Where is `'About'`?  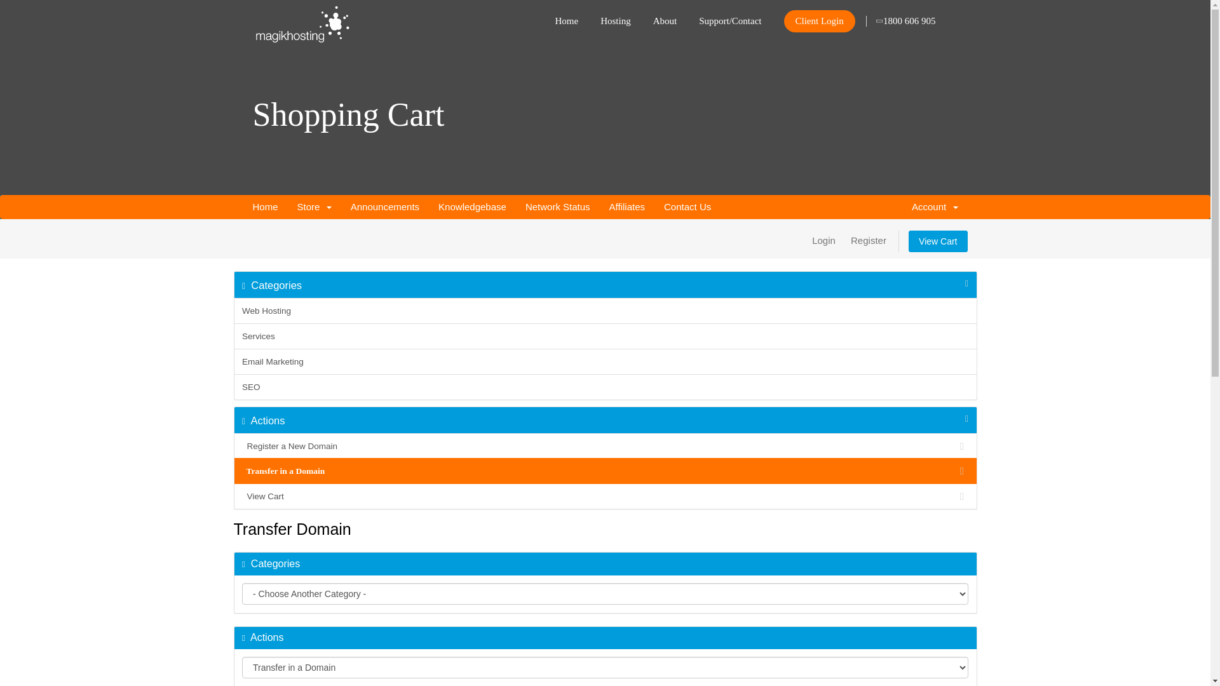
'About' is located at coordinates (664, 17).